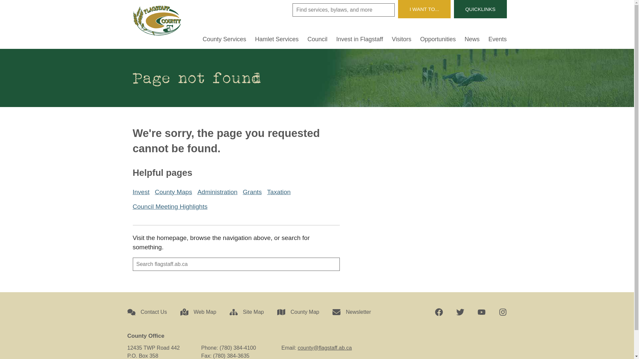  Describe the element at coordinates (307, 41) in the screenshot. I see `'Council'` at that location.